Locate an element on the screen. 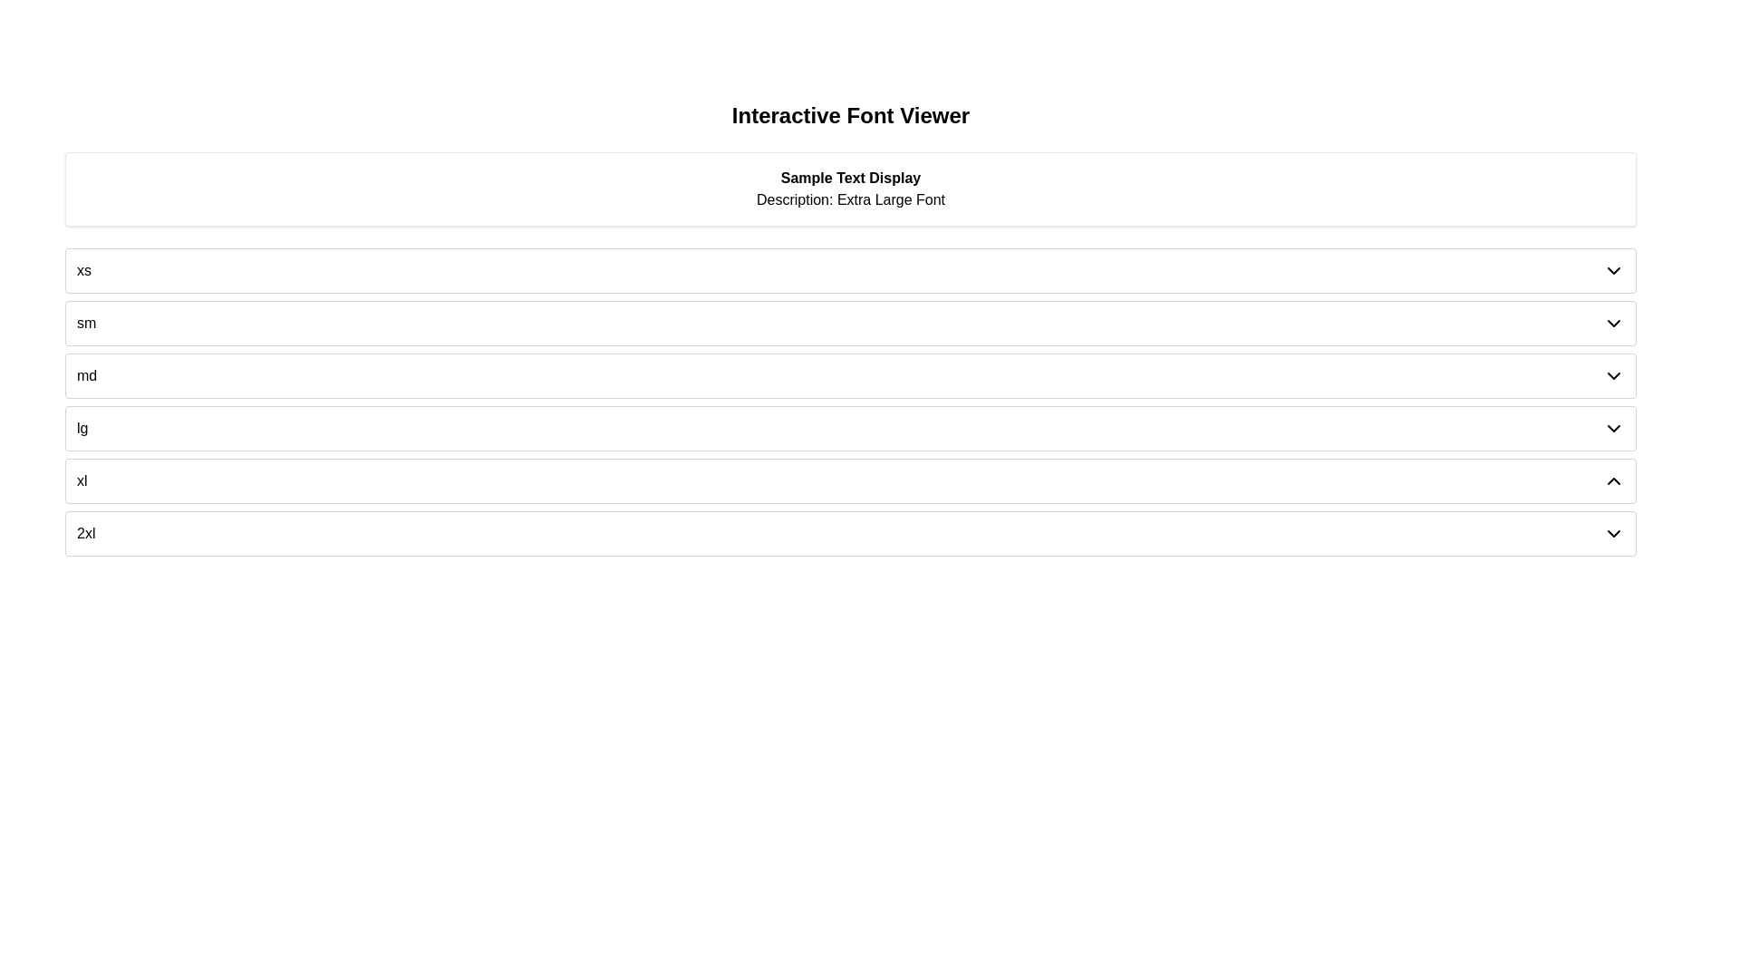 This screenshot has height=979, width=1740. the downward-pointing chevron icon at the right end of the row labeled 'xs' is located at coordinates (1613, 271).